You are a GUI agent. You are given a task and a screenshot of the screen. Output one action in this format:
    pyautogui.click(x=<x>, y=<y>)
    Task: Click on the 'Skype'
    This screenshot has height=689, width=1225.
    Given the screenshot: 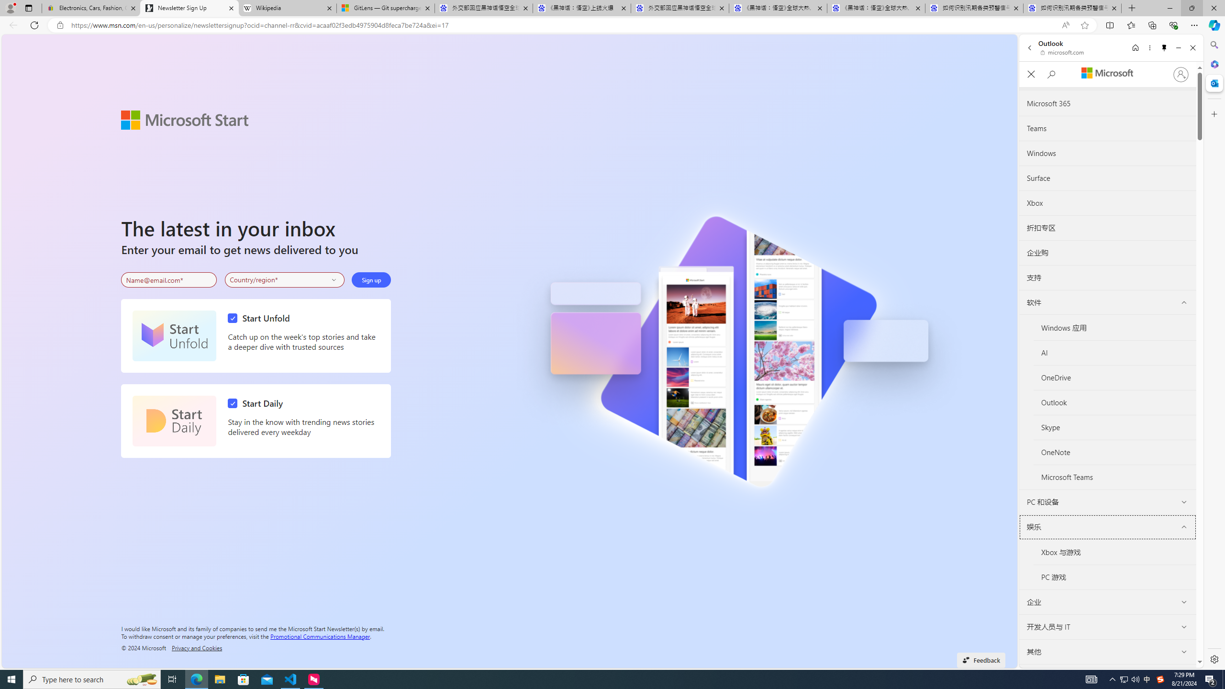 What is the action you would take?
    pyautogui.click(x=1114, y=427)
    